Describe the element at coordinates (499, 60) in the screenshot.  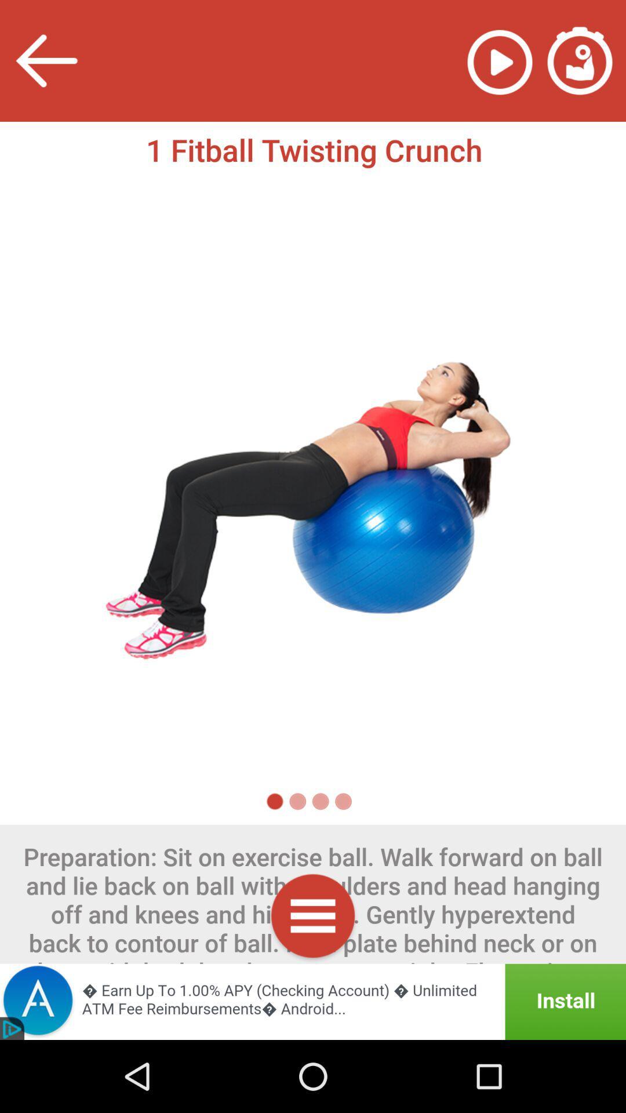
I see `video` at that location.